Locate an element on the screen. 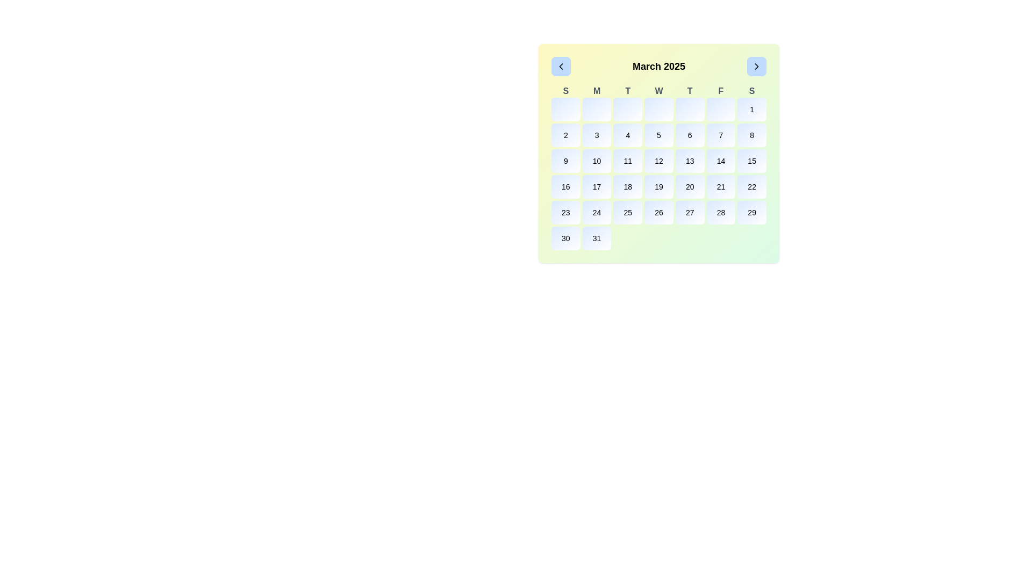  the calendar button displaying the number '20' in its center, located in the sixth row and fifth column of the grid under the 'March 2025' header is located at coordinates (690, 186).